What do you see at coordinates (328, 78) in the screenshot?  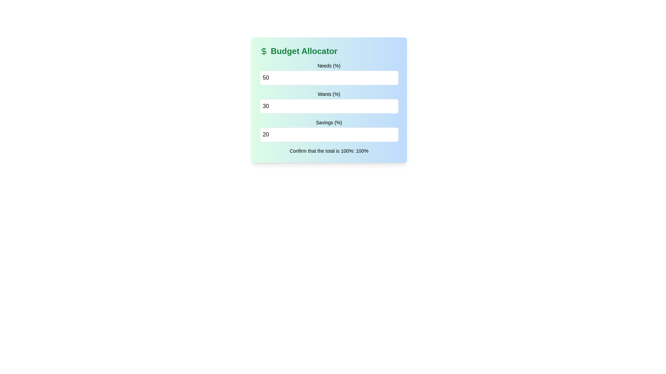 I see `the number input field styled with rounded corners and a blue ring, located below the 'Needs (%)' label for editing` at bounding box center [328, 78].